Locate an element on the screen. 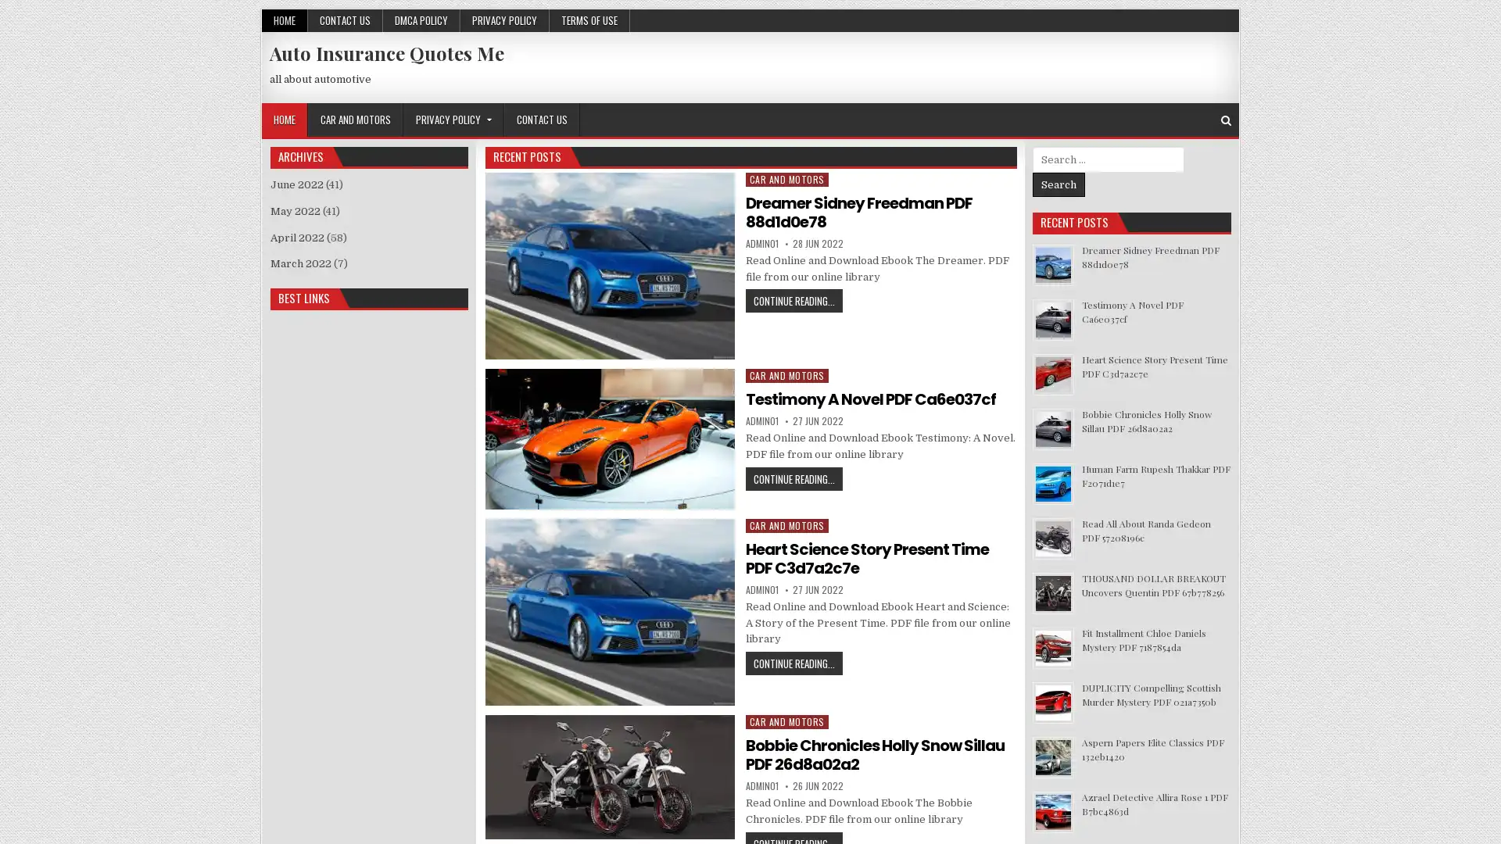  Search is located at coordinates (1059, 184).